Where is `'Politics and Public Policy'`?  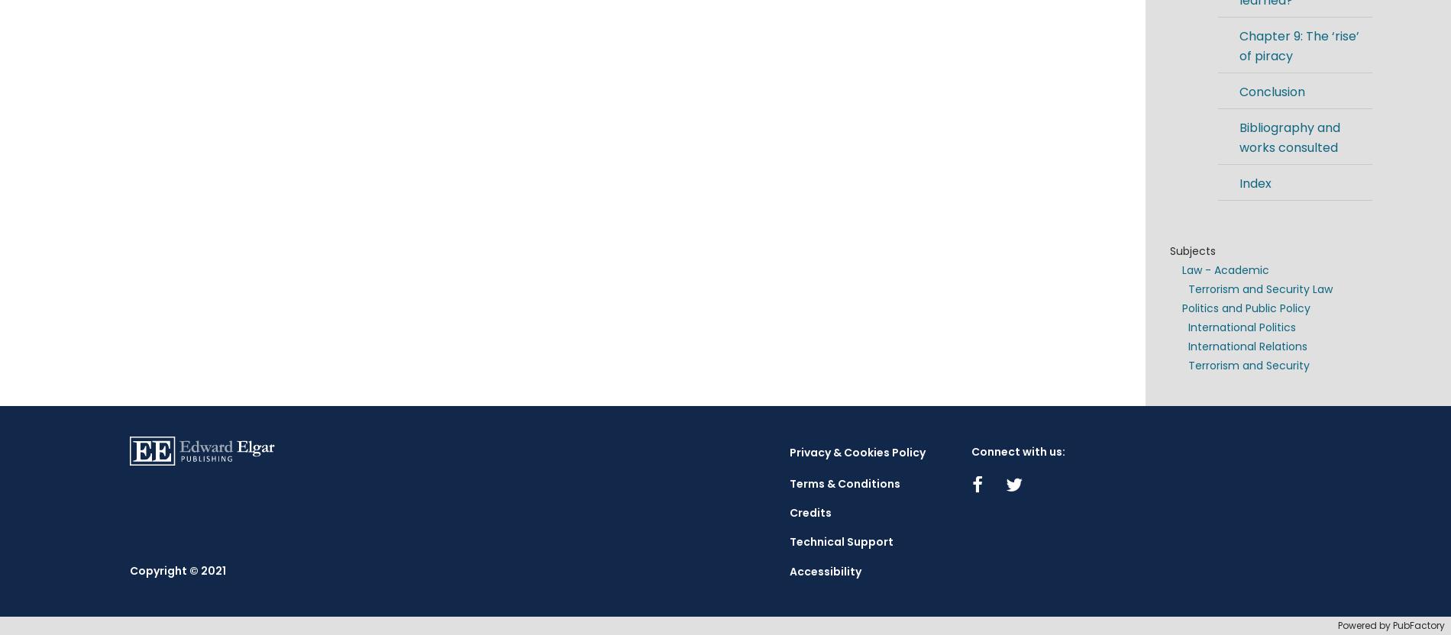
'Politics and Public Policy' is located at coordinates (1246, 308).